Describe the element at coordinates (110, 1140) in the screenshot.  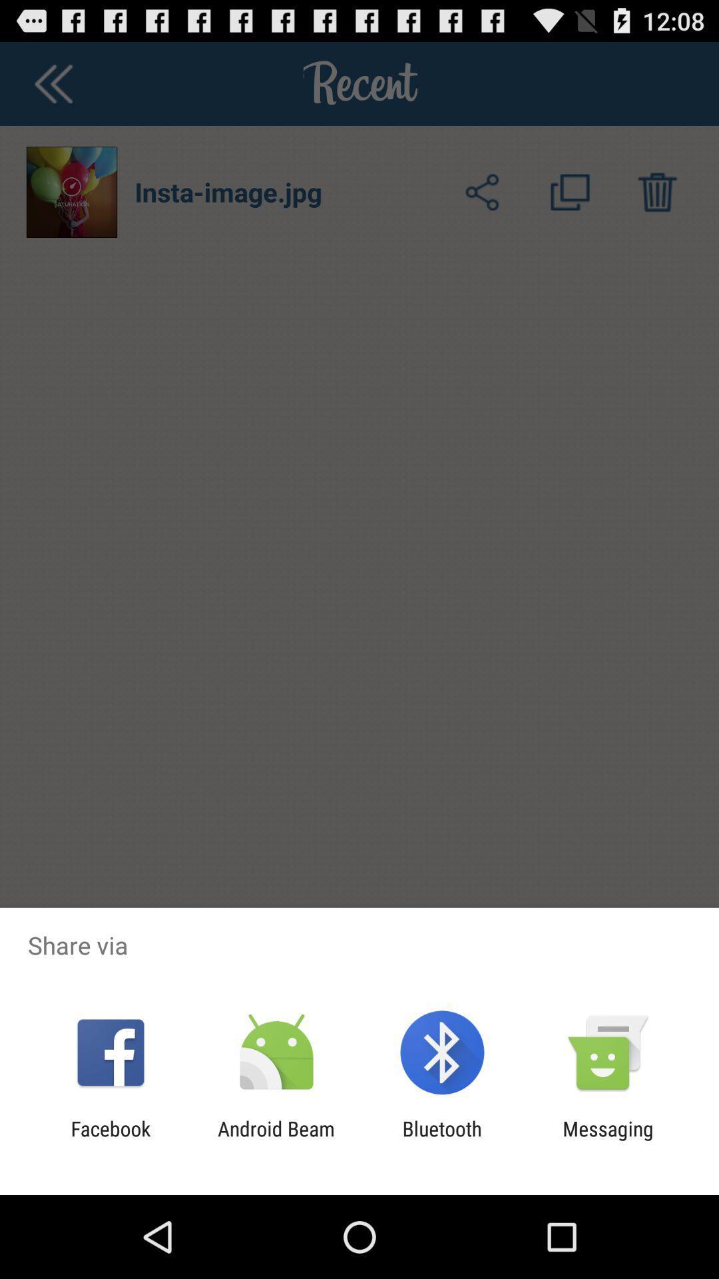
I see `the item to the left of android beam item` at that location.